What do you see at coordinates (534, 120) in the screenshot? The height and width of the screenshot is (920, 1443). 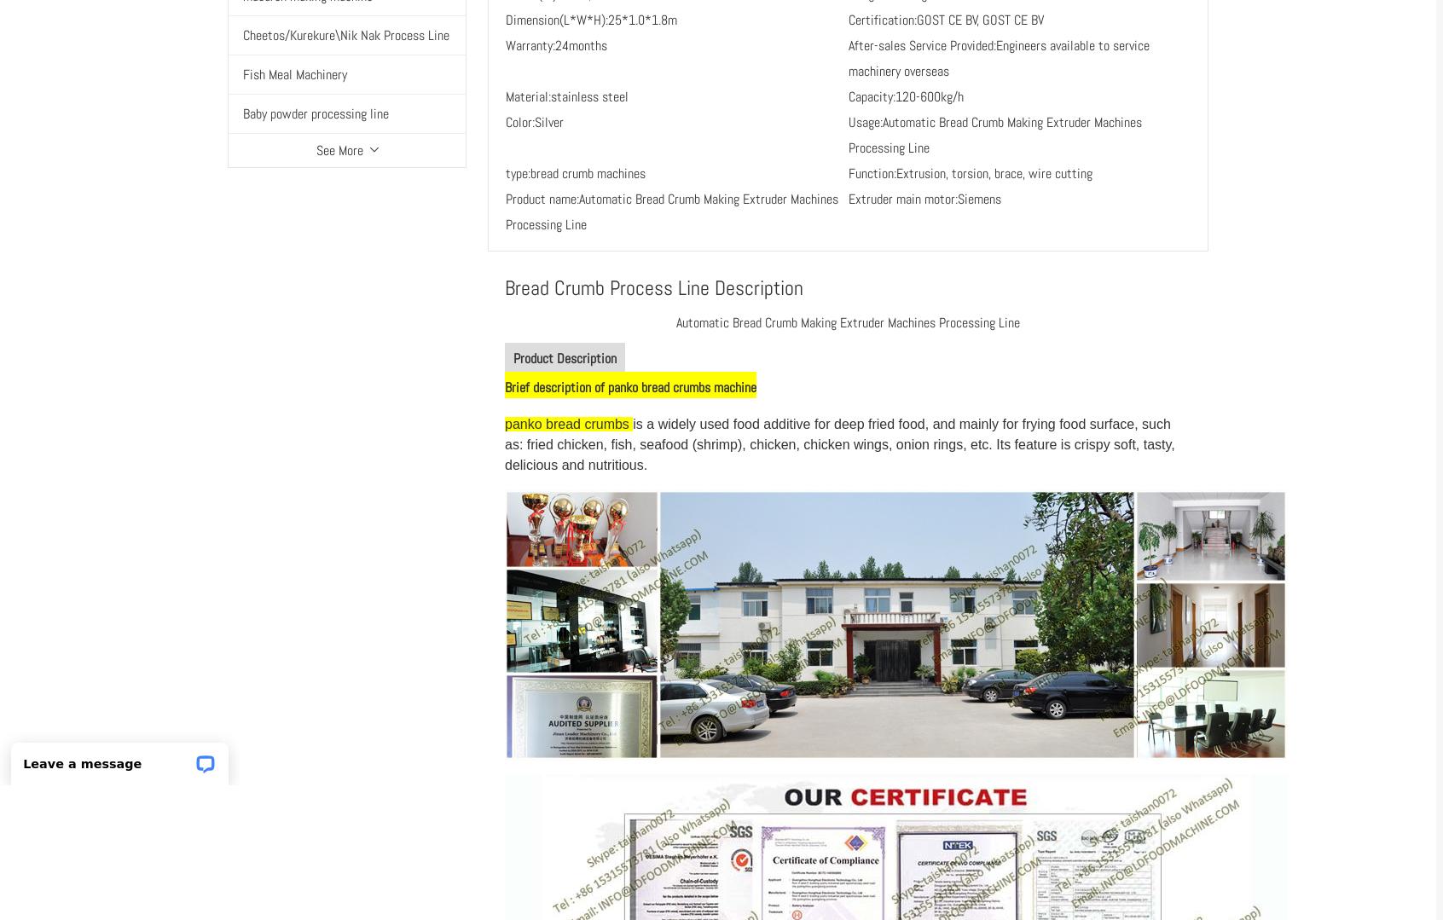 I see `'Color:Silver'` at bounding box center [534, 120].